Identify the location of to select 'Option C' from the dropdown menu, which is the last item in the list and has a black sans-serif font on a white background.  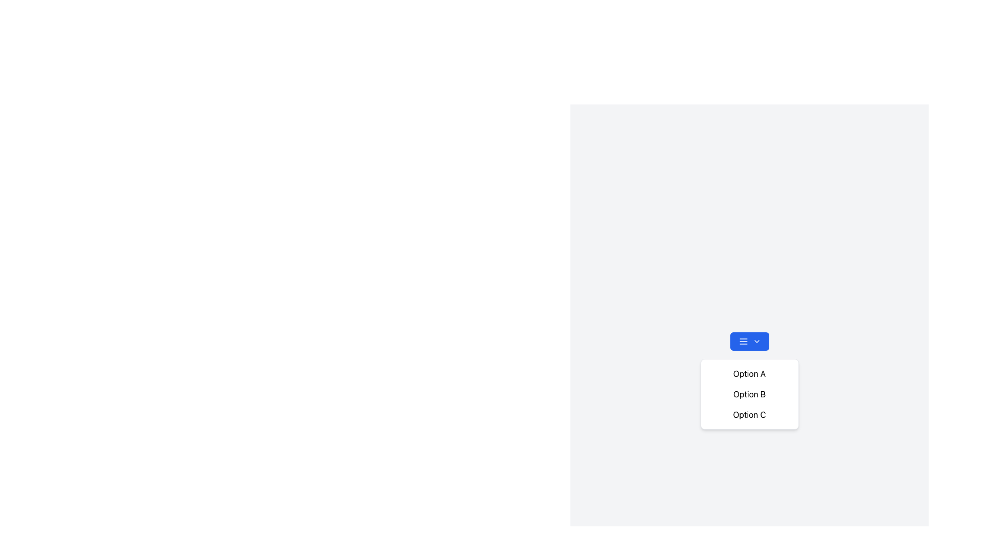
(749, 415).